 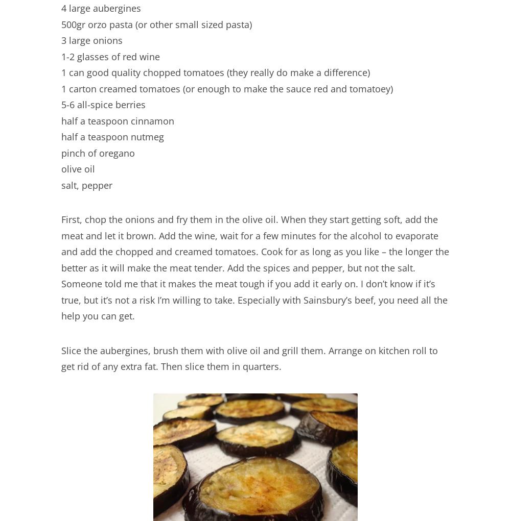 I want to click on '4 large aubergines', so click(x=101, y=8).